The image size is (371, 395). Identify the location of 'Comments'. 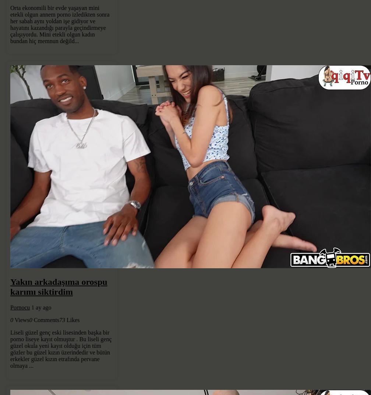
(46, 319).